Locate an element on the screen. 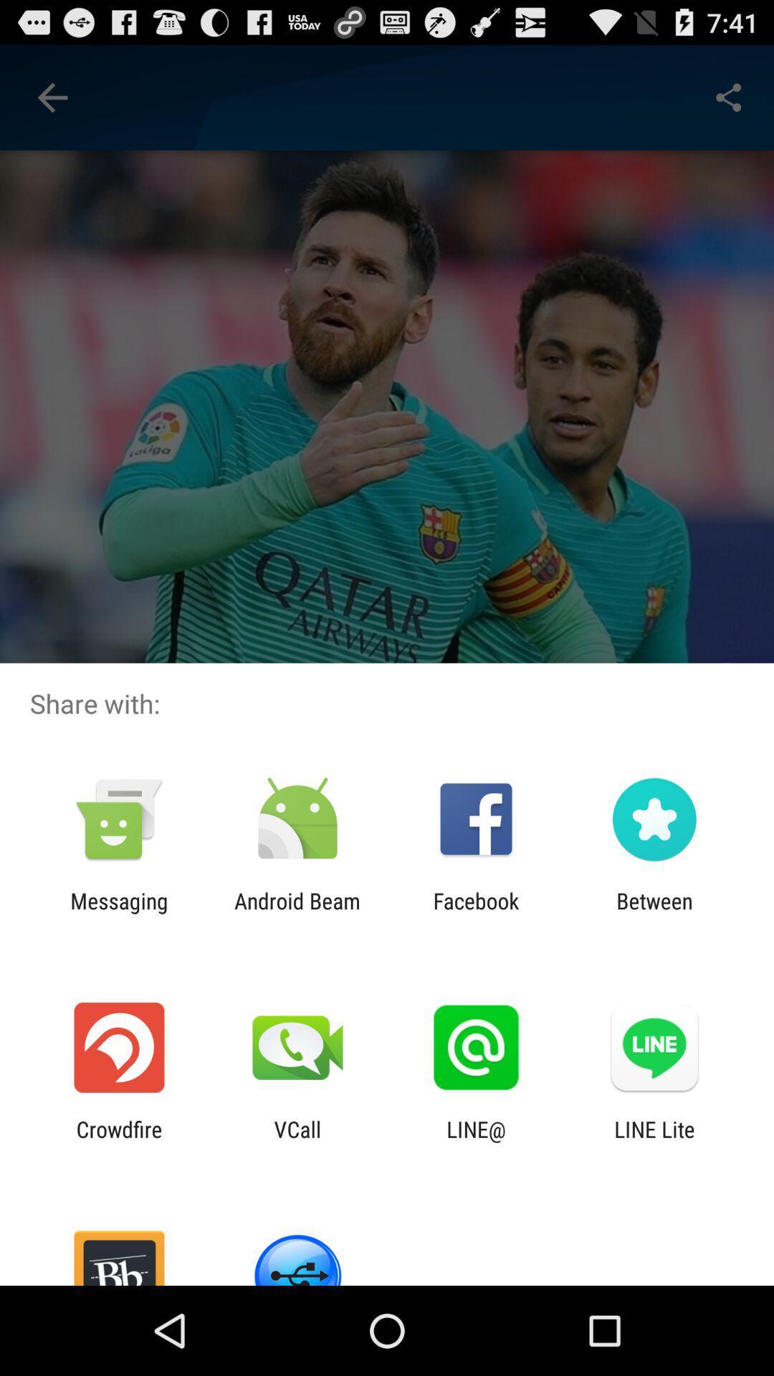 The width and height of the screenshot is (774, 1376). the item to the left of the vcall icon is located at coordinates (118, 1141).